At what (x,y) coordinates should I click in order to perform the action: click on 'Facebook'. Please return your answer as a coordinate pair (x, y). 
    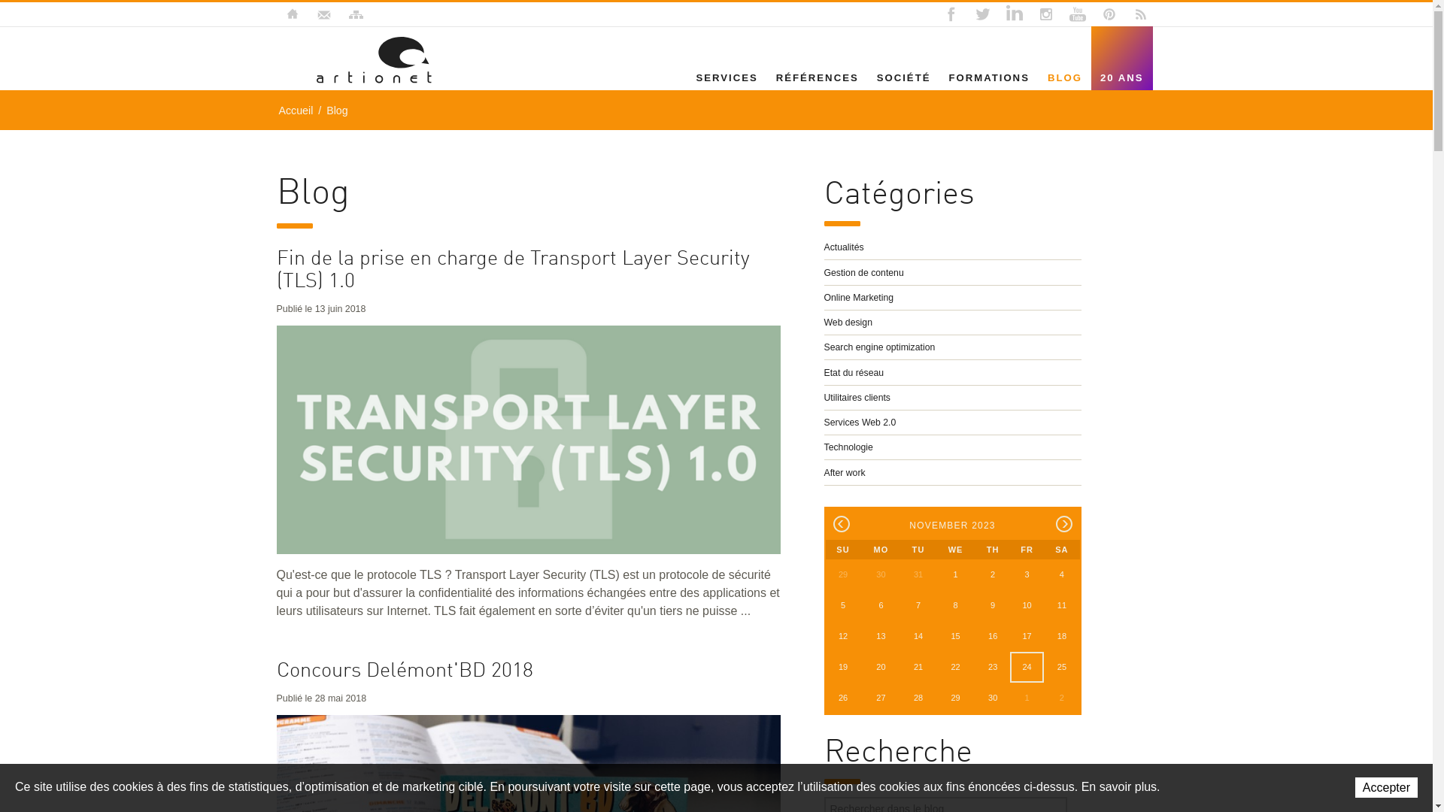
    Looking at the image, I should click on (949, 14).